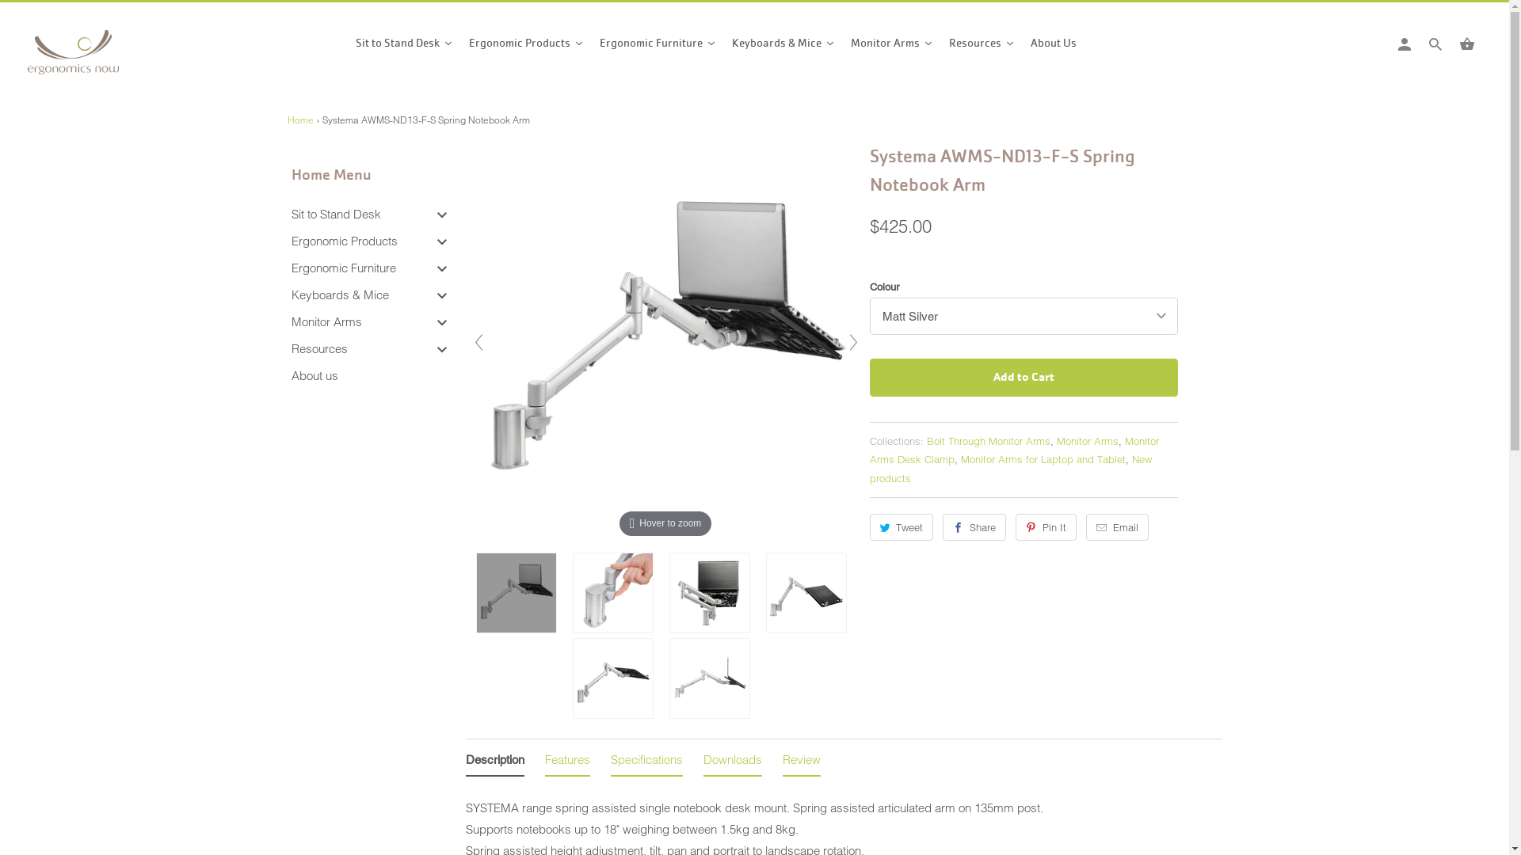 This screenshot has height=855, width=1521. What do you see at coordinates (1042, 458) in the screenshot?
I see `'Monitor Arms for Laptop and Tablet'` at bounding box center [1042, 458].